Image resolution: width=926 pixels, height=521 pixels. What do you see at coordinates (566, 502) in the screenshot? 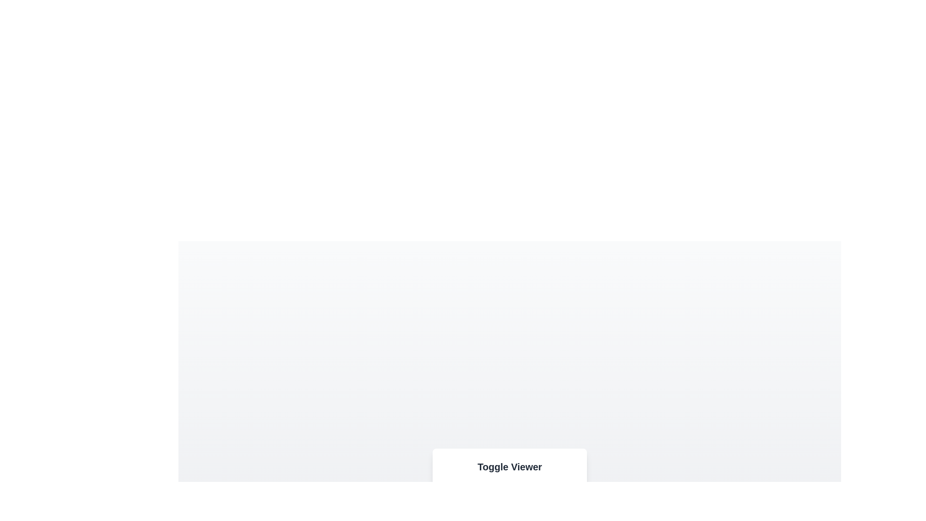
I see `the button labeled Text to observe its hover effect` at bounding box center [566, 502].